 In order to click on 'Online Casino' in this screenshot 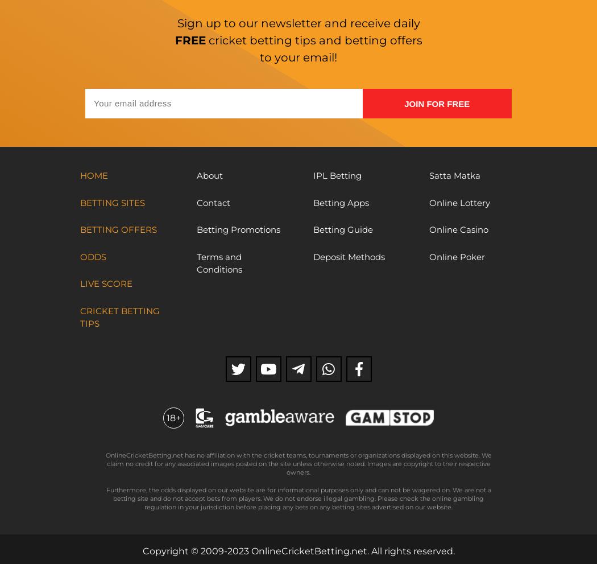, I will do `click(458, 229)`.